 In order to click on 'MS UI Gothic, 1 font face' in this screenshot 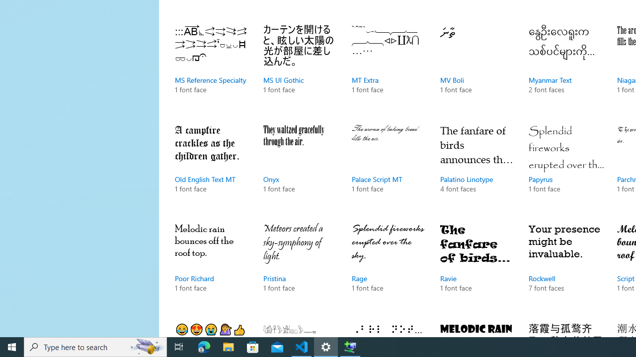, I will do `click(300, 69)`.